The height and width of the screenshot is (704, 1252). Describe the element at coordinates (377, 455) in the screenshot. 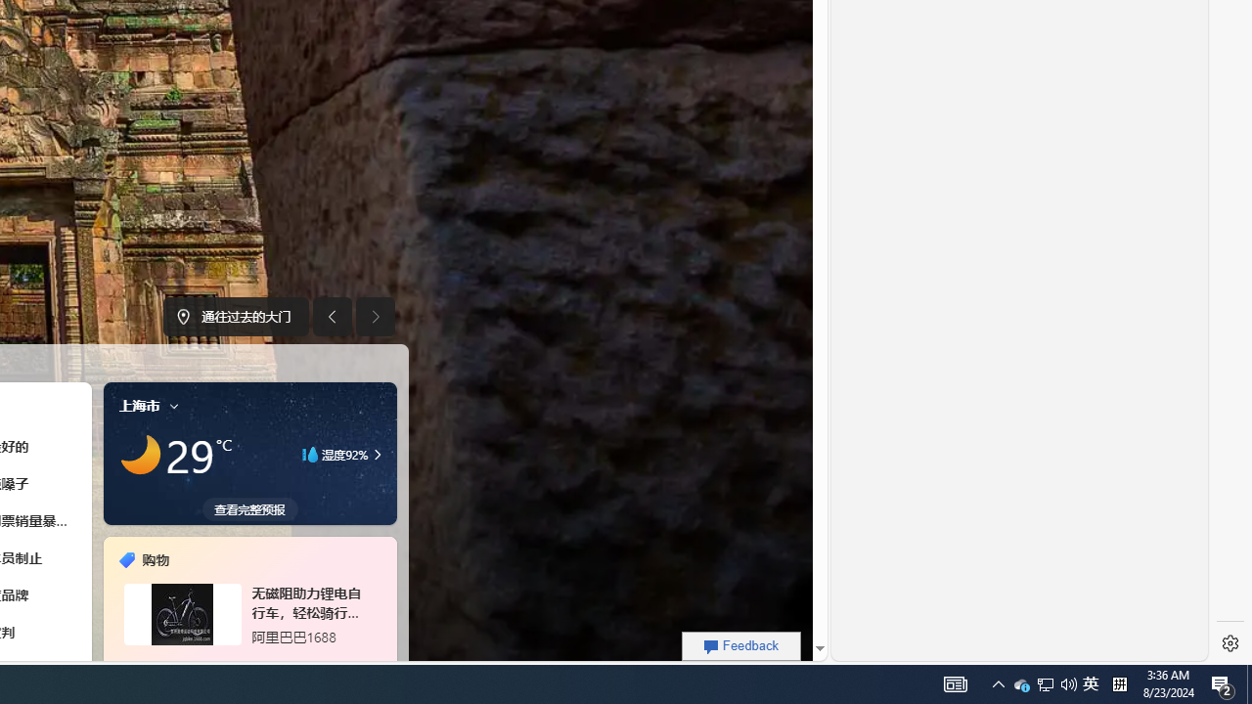

I see `'Class: weather-arrow-glyph'` at that location.